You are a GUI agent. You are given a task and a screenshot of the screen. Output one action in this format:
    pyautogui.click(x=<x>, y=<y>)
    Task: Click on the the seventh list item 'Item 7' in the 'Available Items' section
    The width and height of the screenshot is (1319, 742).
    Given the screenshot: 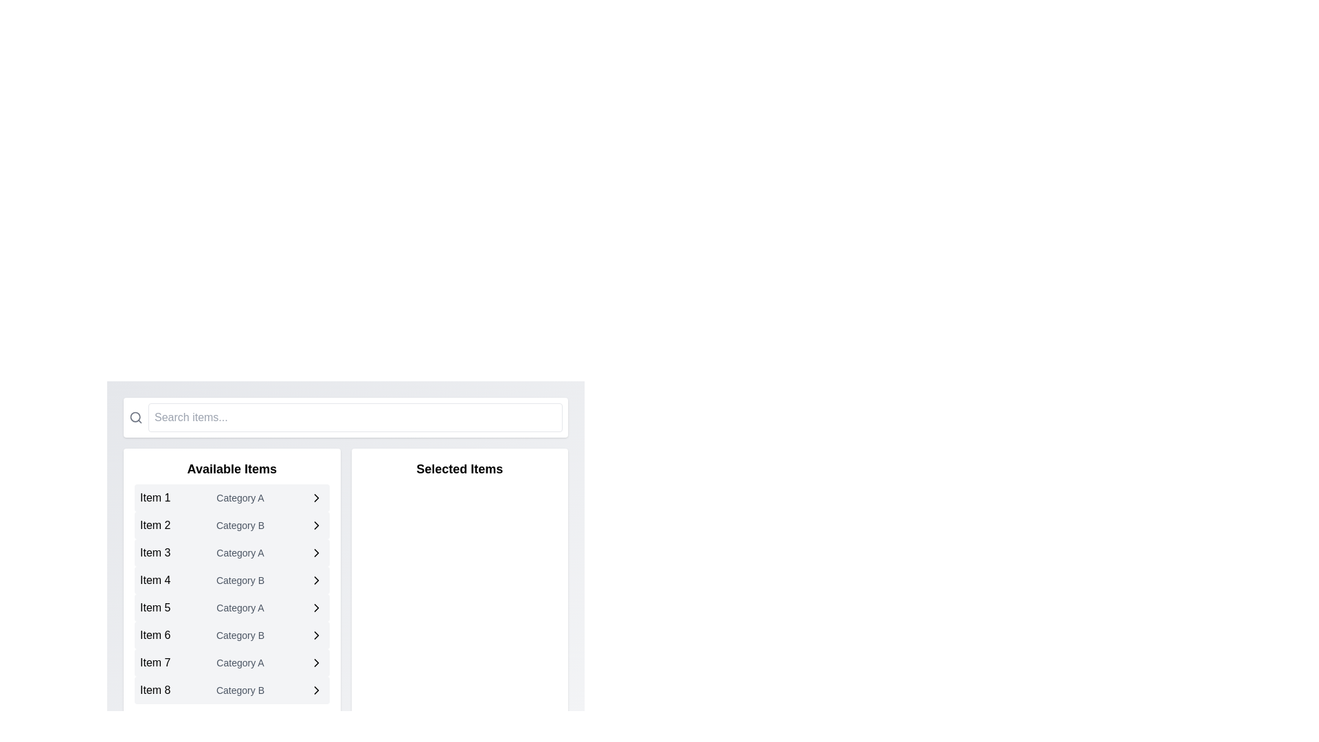 What is the action you would take?
    pyautogui.click(x=232, y=662)
    